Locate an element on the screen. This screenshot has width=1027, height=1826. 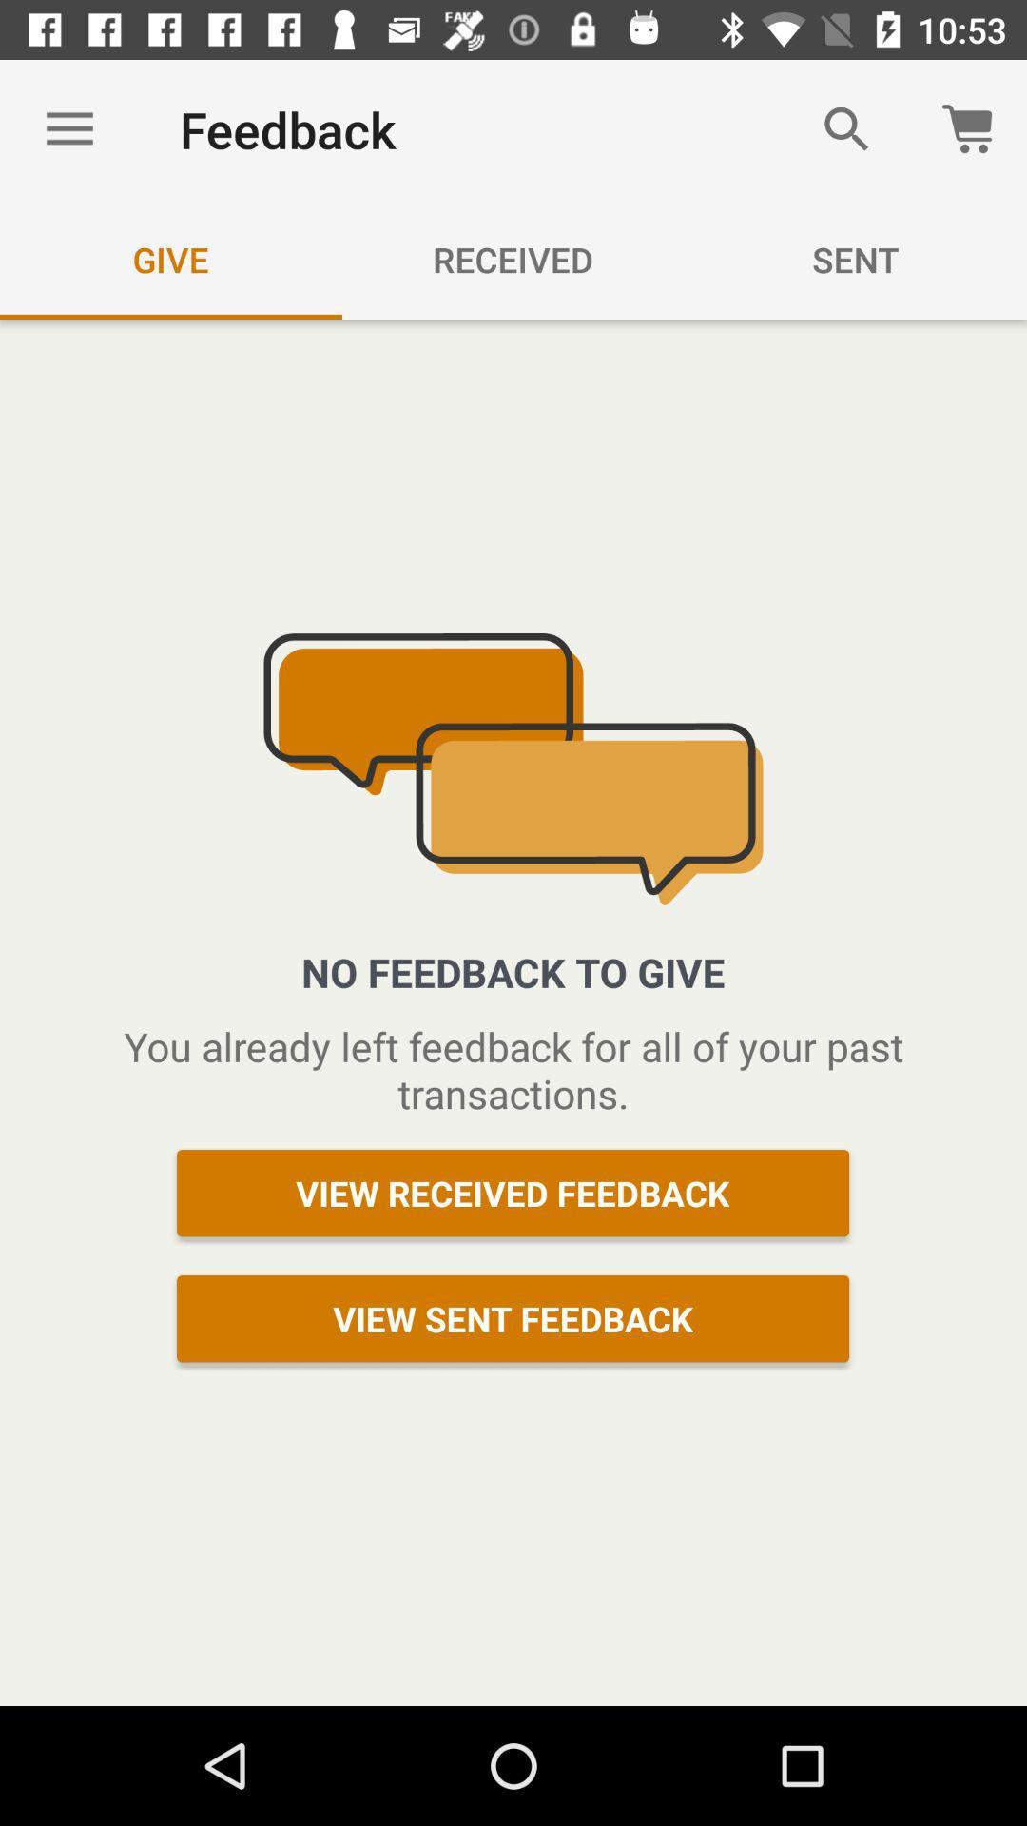
item to the left of the feedback item is located at coordinates (68, 128).